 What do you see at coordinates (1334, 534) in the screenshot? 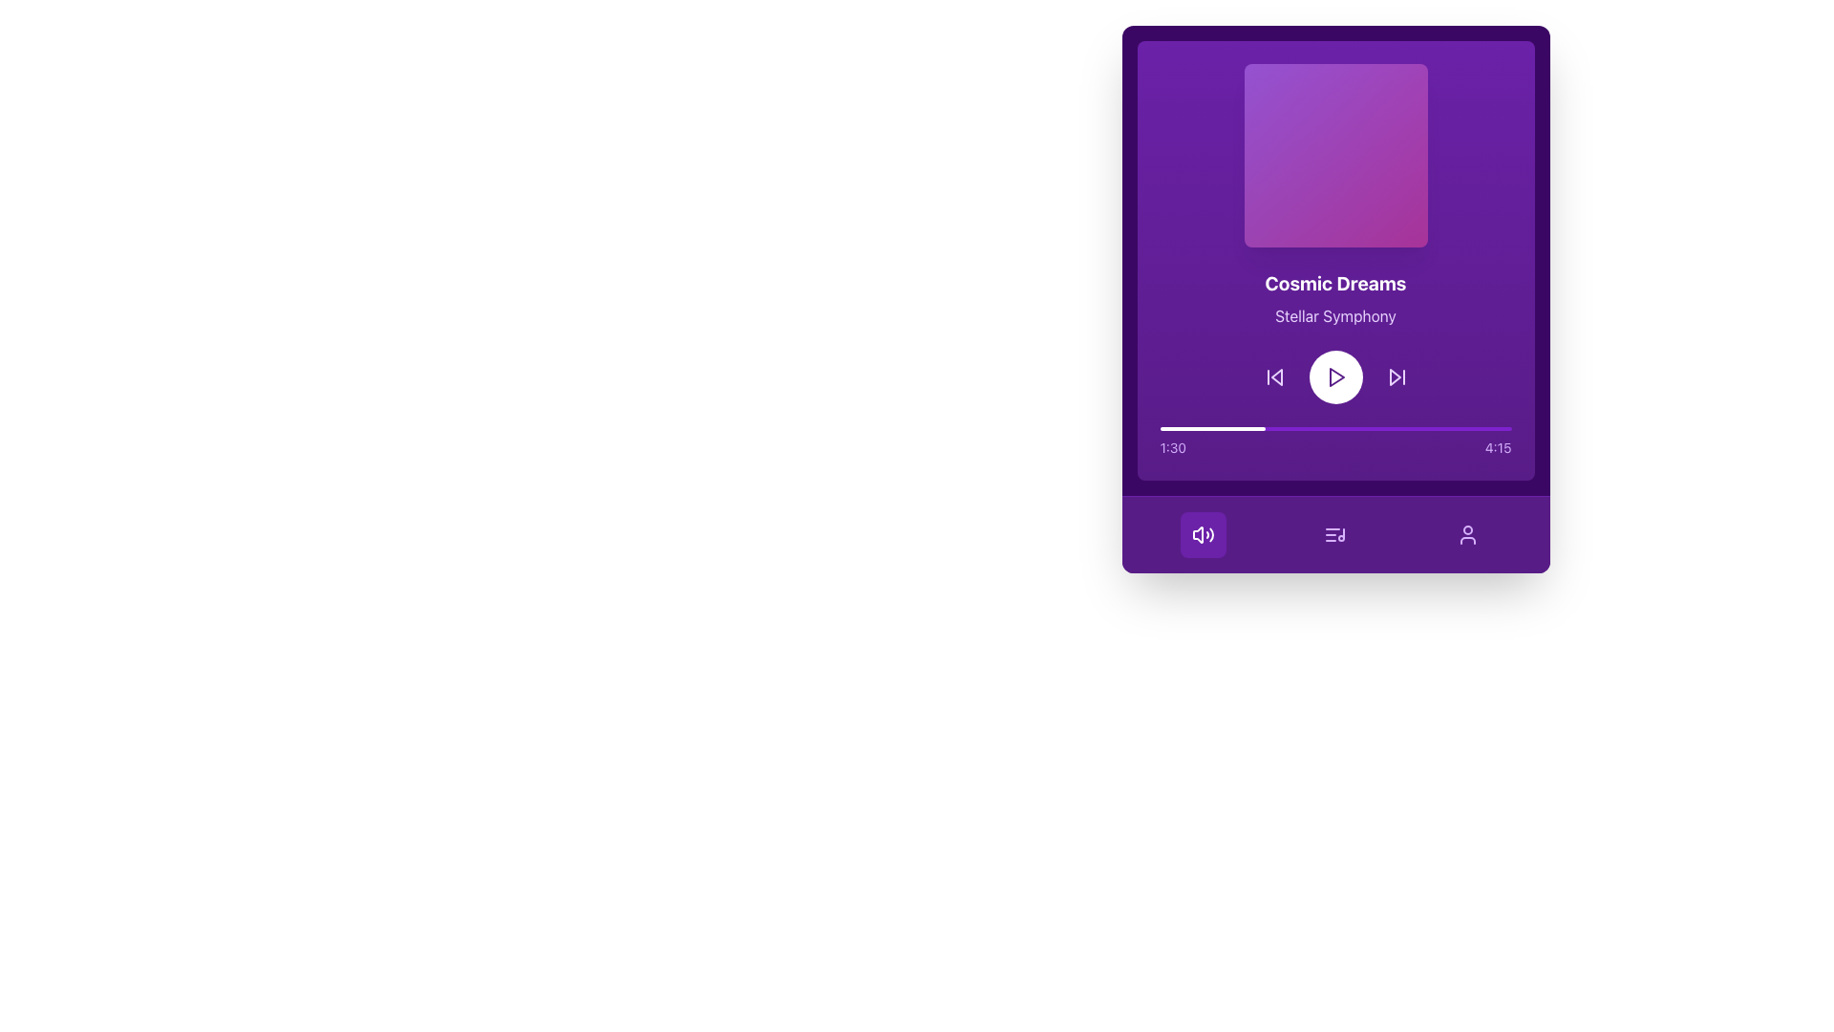
I see `the purple music playlist icon located in the center section of the bottom menu bar` at bounding box center [1334, 534].